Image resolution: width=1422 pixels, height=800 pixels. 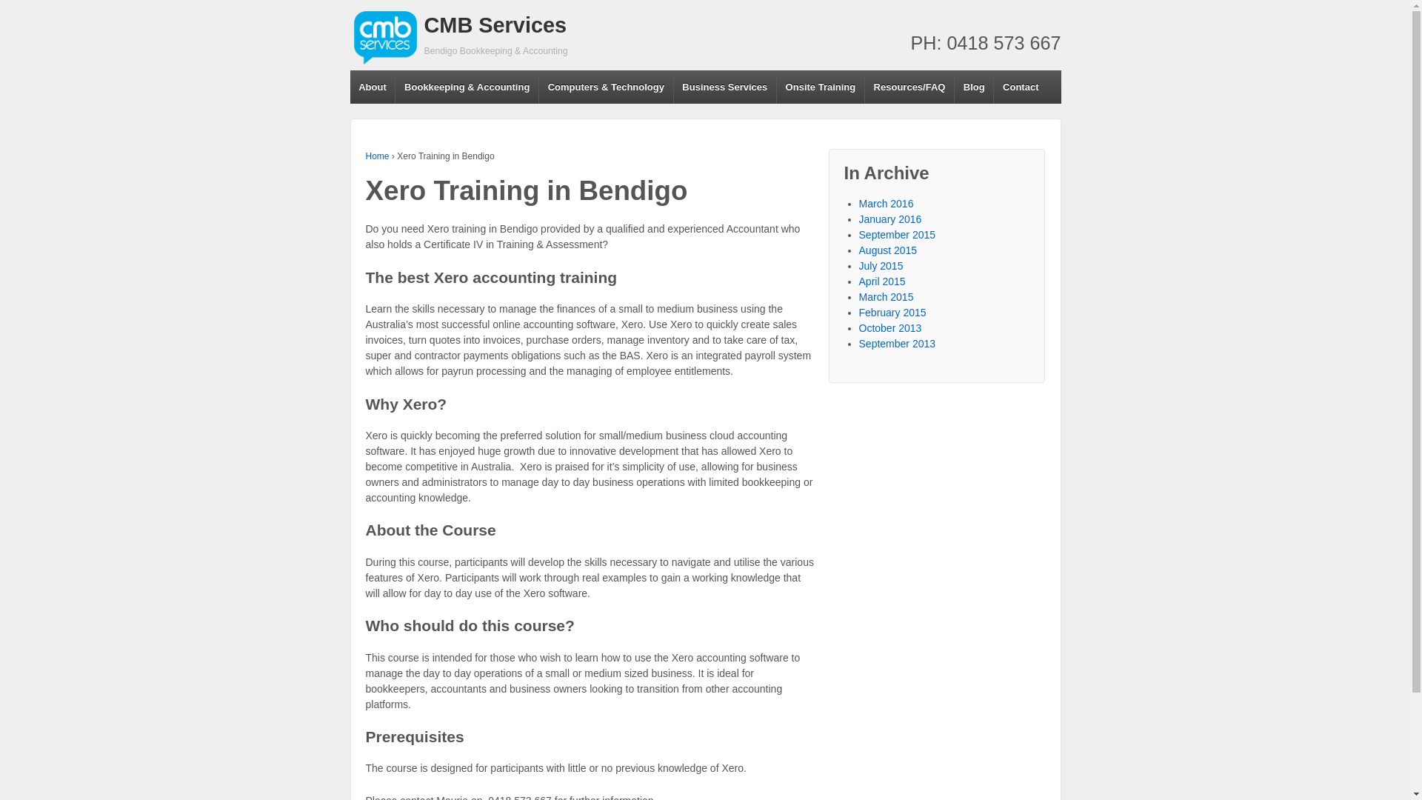 I want to click on 'CMB Services', so click(x=495, y=25).